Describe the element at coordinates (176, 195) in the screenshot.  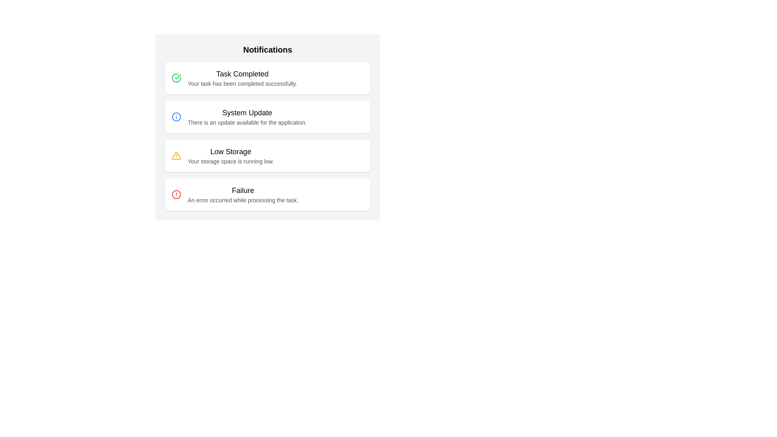
I see `the SVG Circle element of the alert icon indicating a failure state, located in the bottom-most option of the Notifications list` at that location.